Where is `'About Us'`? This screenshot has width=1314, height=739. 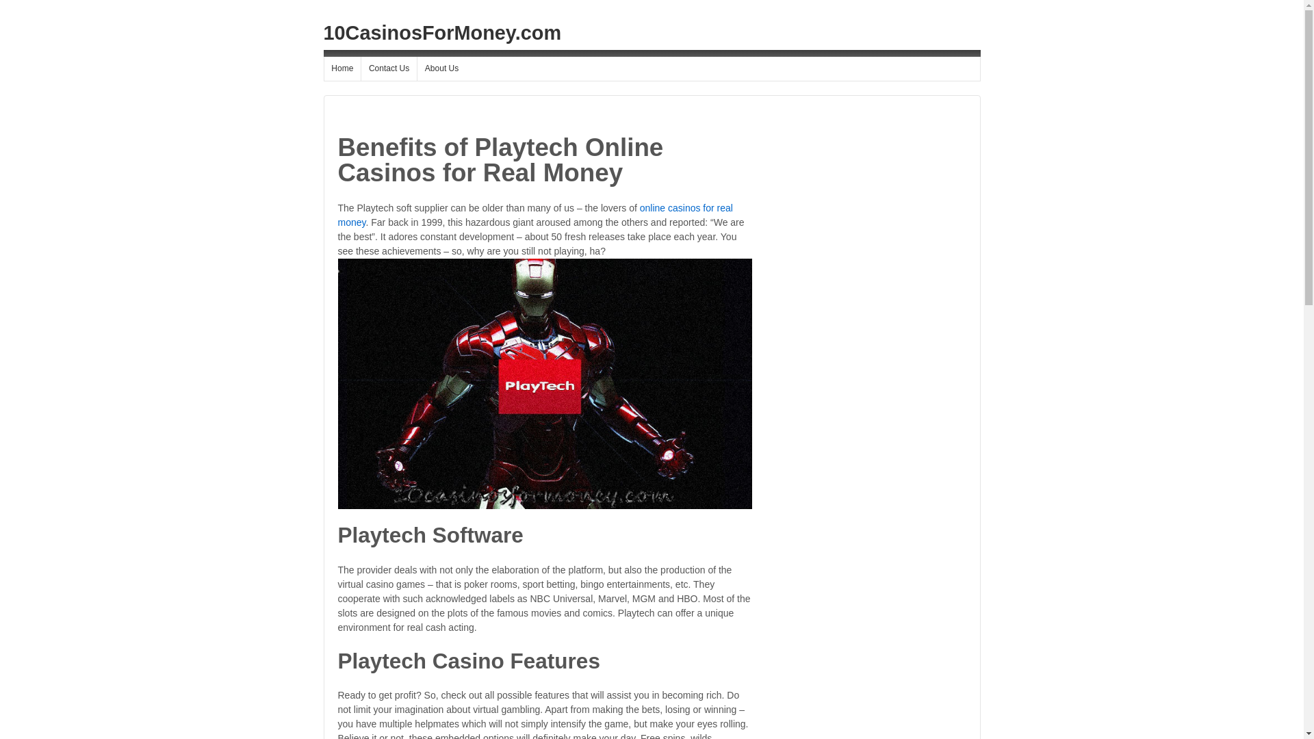
'About Us' is located at coordinates (416, 68).